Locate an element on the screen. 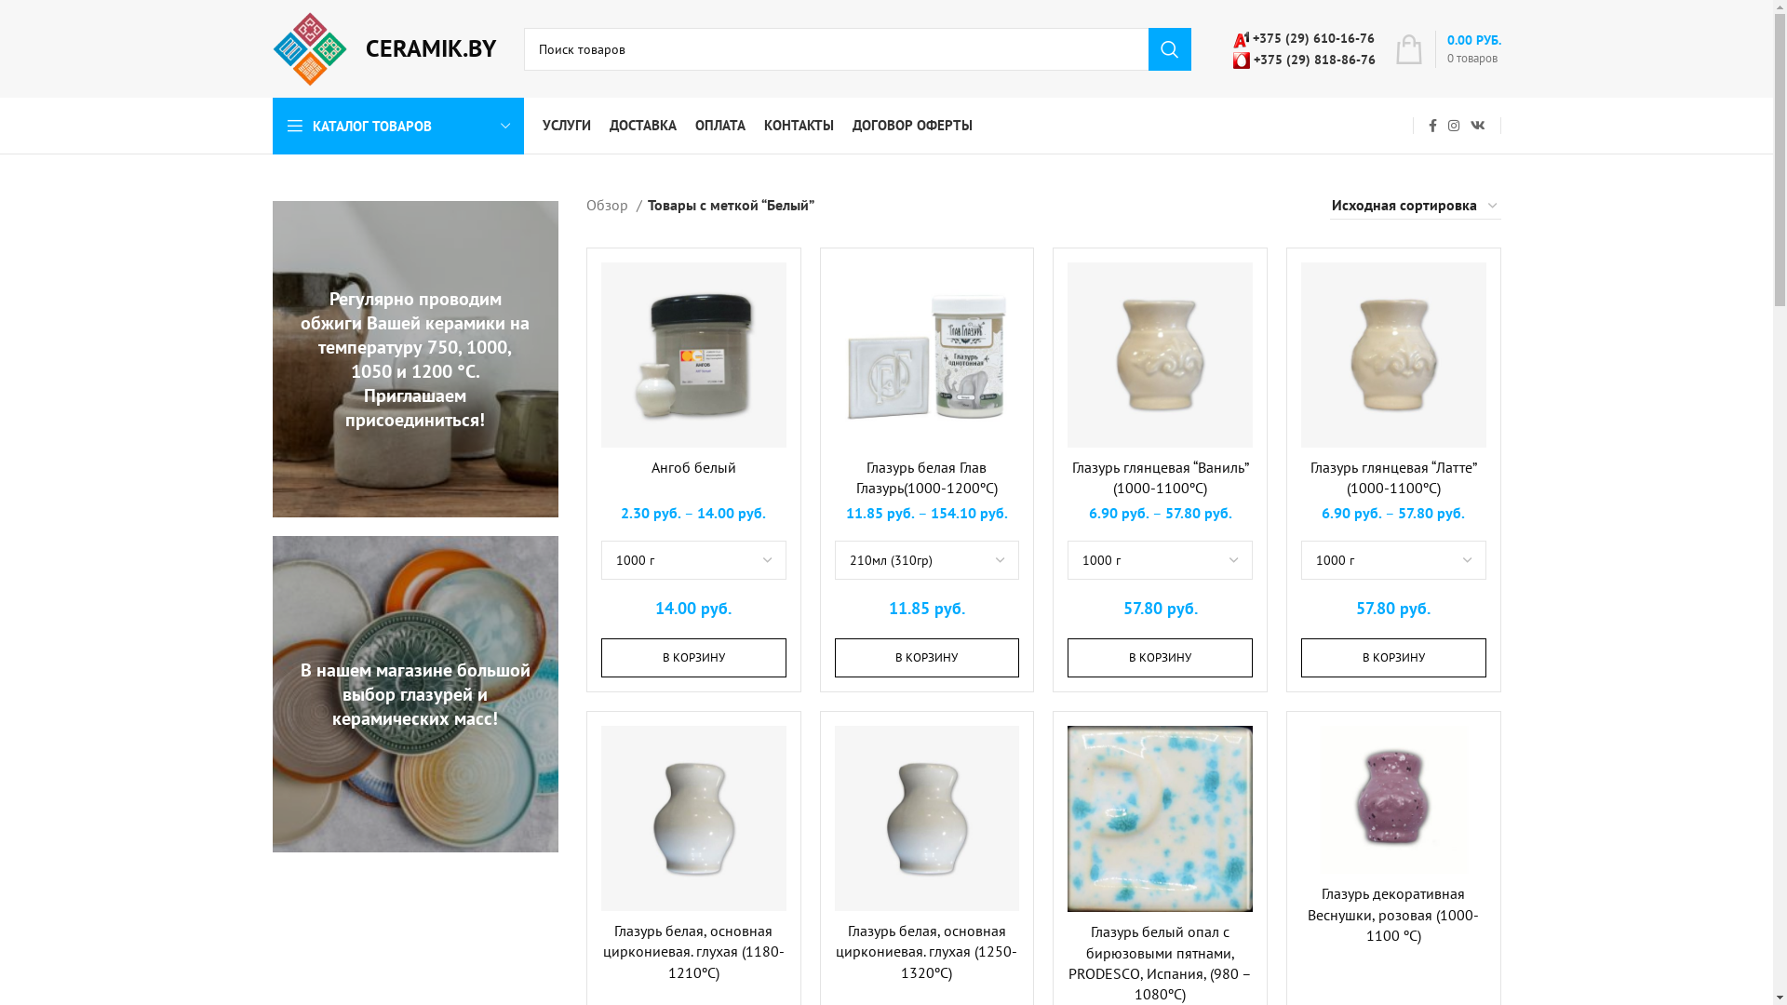  'SEARCH' is located at coordinates (1169, 48).